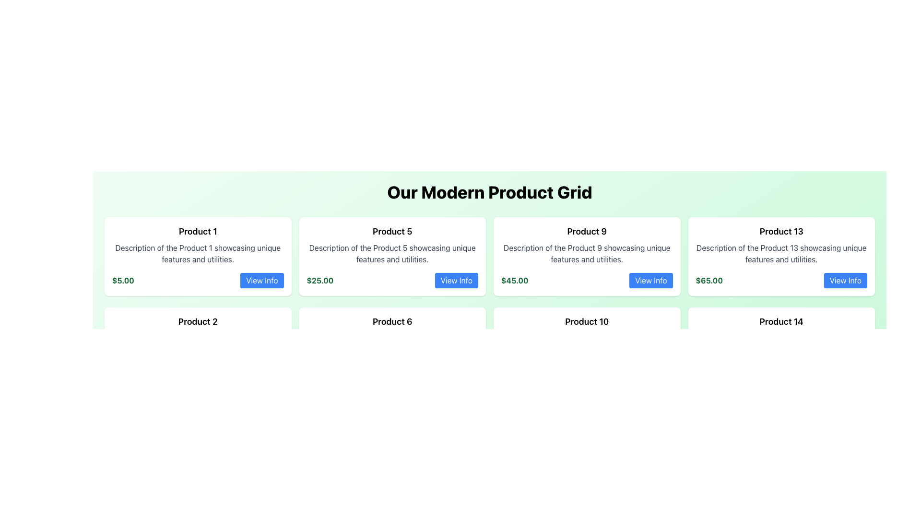 This screenshot has width=921, height=518. I want to click on the Text Display element that provides a description of 'Product 1', located below its title and above the price segment, so click(197, 253).